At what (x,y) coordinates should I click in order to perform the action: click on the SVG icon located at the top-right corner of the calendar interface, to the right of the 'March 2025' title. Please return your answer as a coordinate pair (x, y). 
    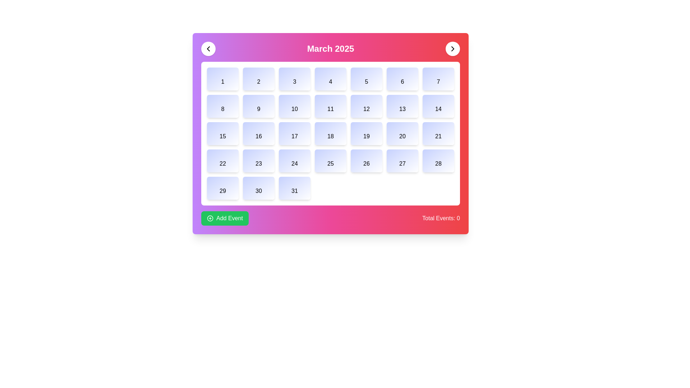
    Looking at the image, I should click on (452, 48).